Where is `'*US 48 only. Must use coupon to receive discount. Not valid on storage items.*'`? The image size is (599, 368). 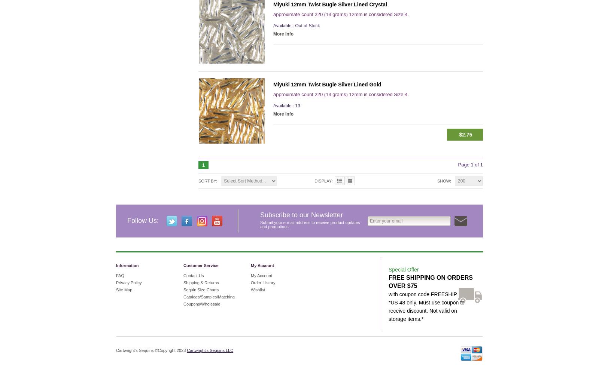 '*US 48 only. Must use coupon to receive discount. Not valid on storage items.*' is located at coordinates (426, 310).